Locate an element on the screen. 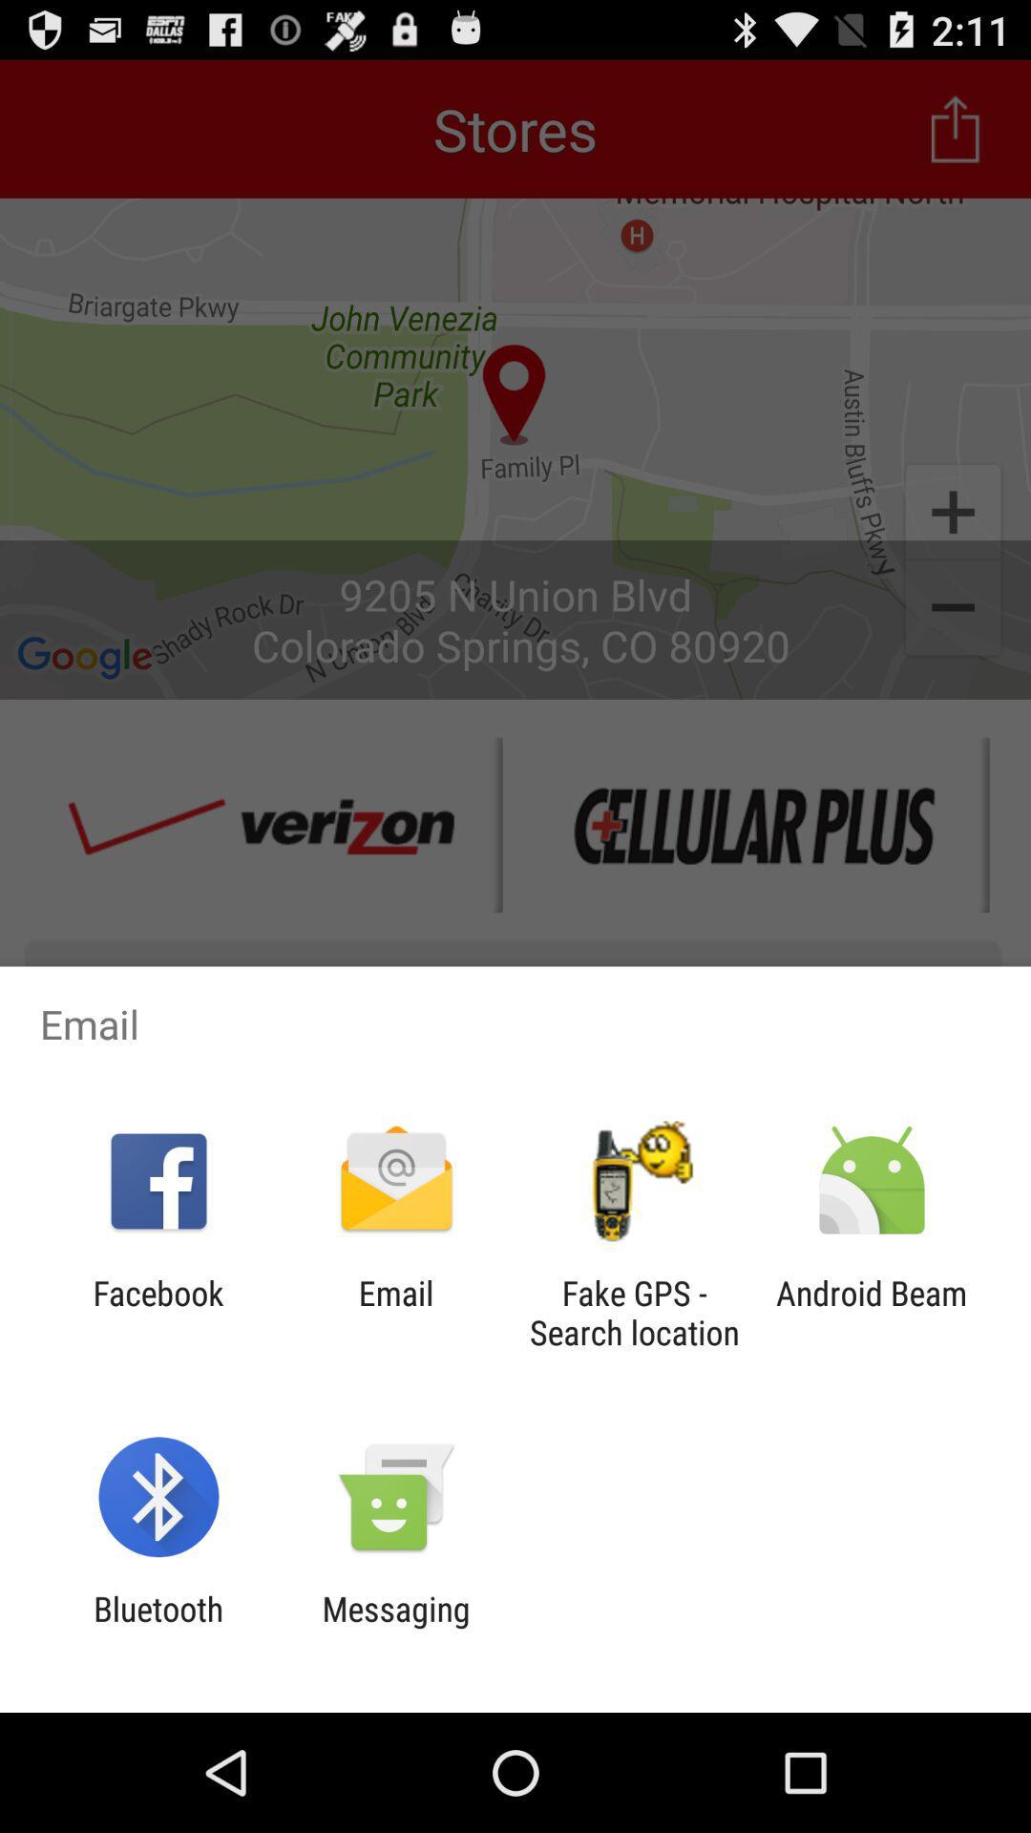  the bluetooth is located at coordinates (158, 1628).